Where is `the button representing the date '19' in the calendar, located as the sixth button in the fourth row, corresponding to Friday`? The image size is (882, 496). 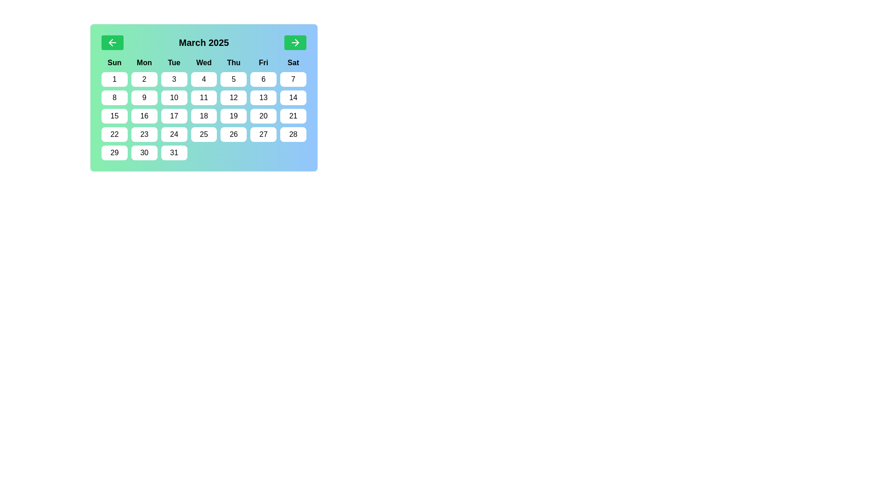
the button representing the date '19' in the calendar, located as the sixth button in the fourth row, corresponding to Friday is located at coordinates (233, 116).